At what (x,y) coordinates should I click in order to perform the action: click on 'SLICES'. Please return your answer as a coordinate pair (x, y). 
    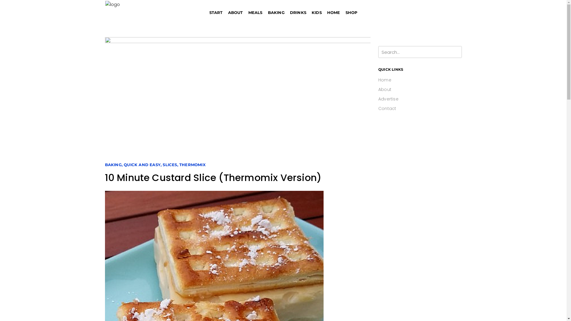
    Looking at the image, I should click on (170, 165).